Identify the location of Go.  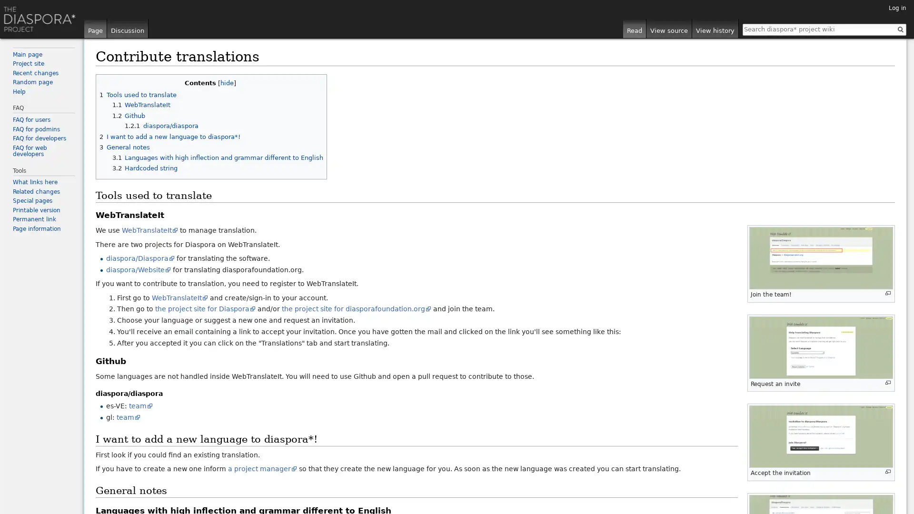
(900, 29).